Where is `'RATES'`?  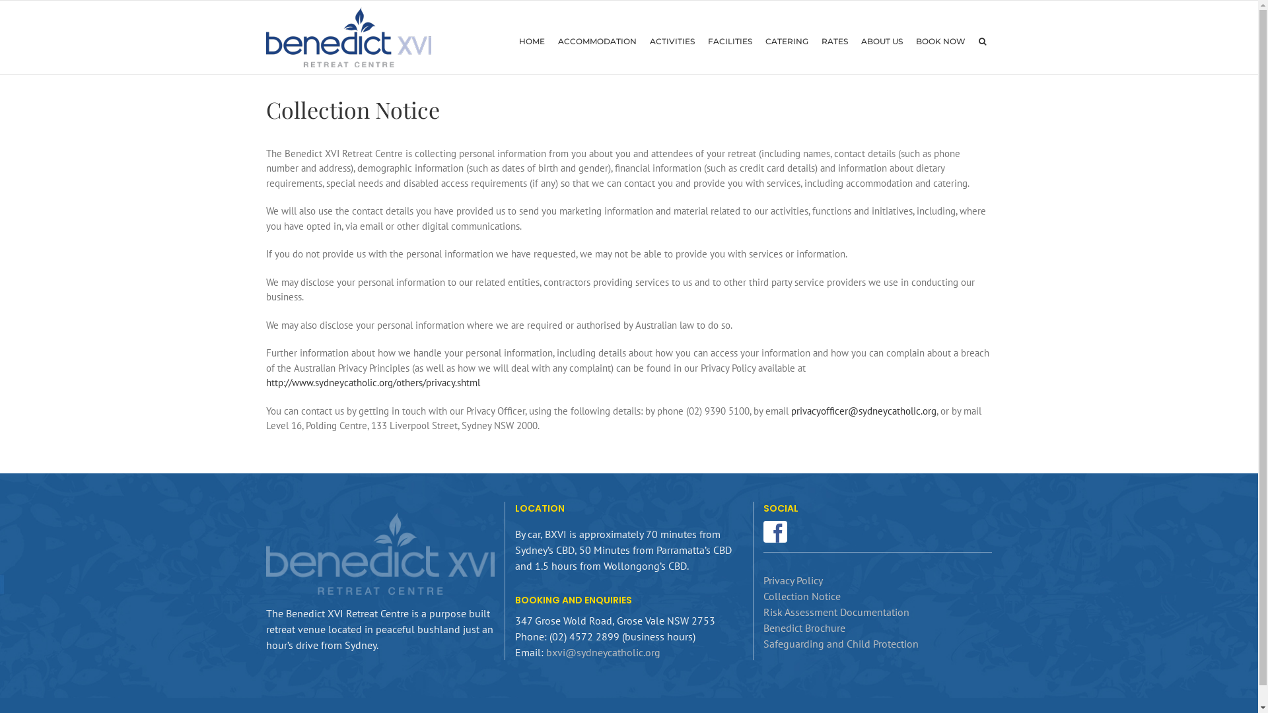 'RATES' is located at coordinates (833, 40).